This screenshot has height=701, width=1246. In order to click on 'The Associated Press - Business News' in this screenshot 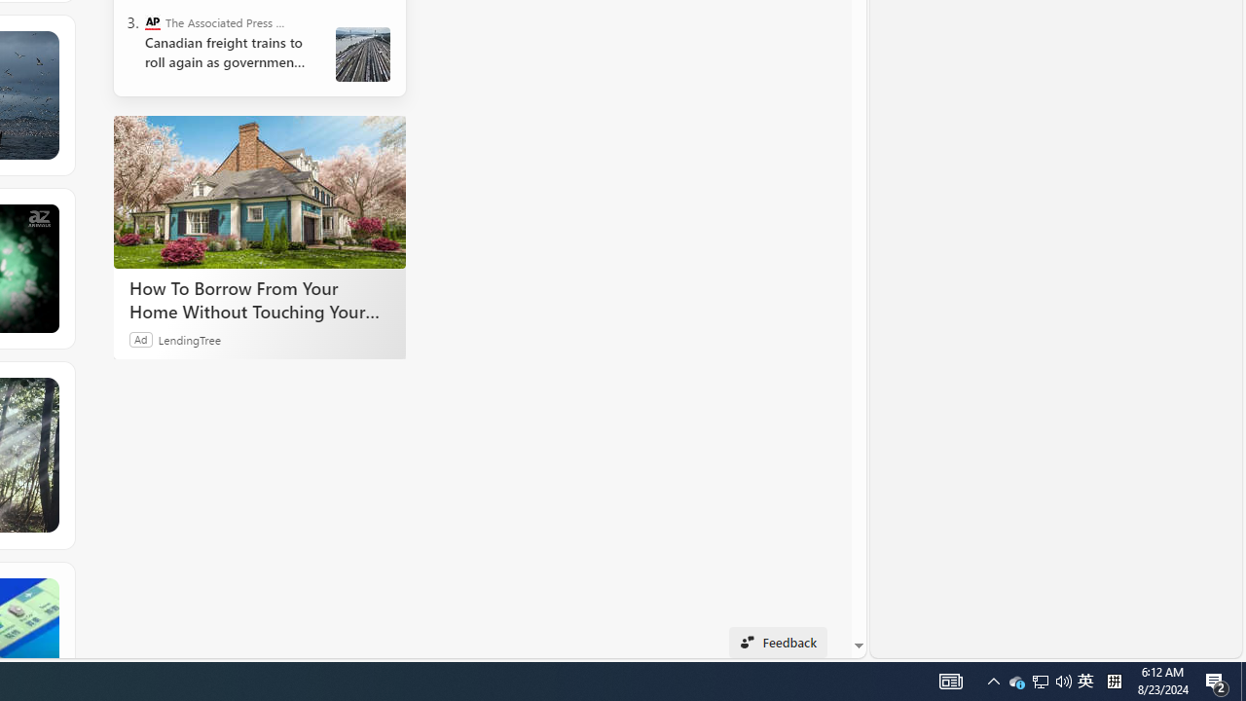, I will do `click(151, 22)`.